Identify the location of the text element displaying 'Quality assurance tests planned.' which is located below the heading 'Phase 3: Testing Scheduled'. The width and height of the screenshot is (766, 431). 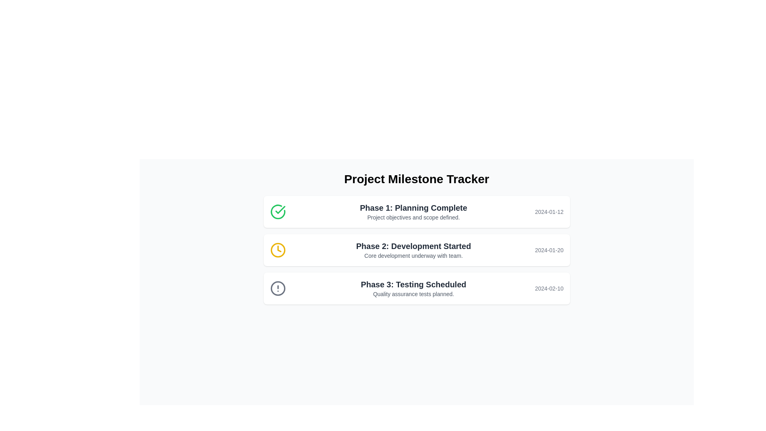
(413, 294).